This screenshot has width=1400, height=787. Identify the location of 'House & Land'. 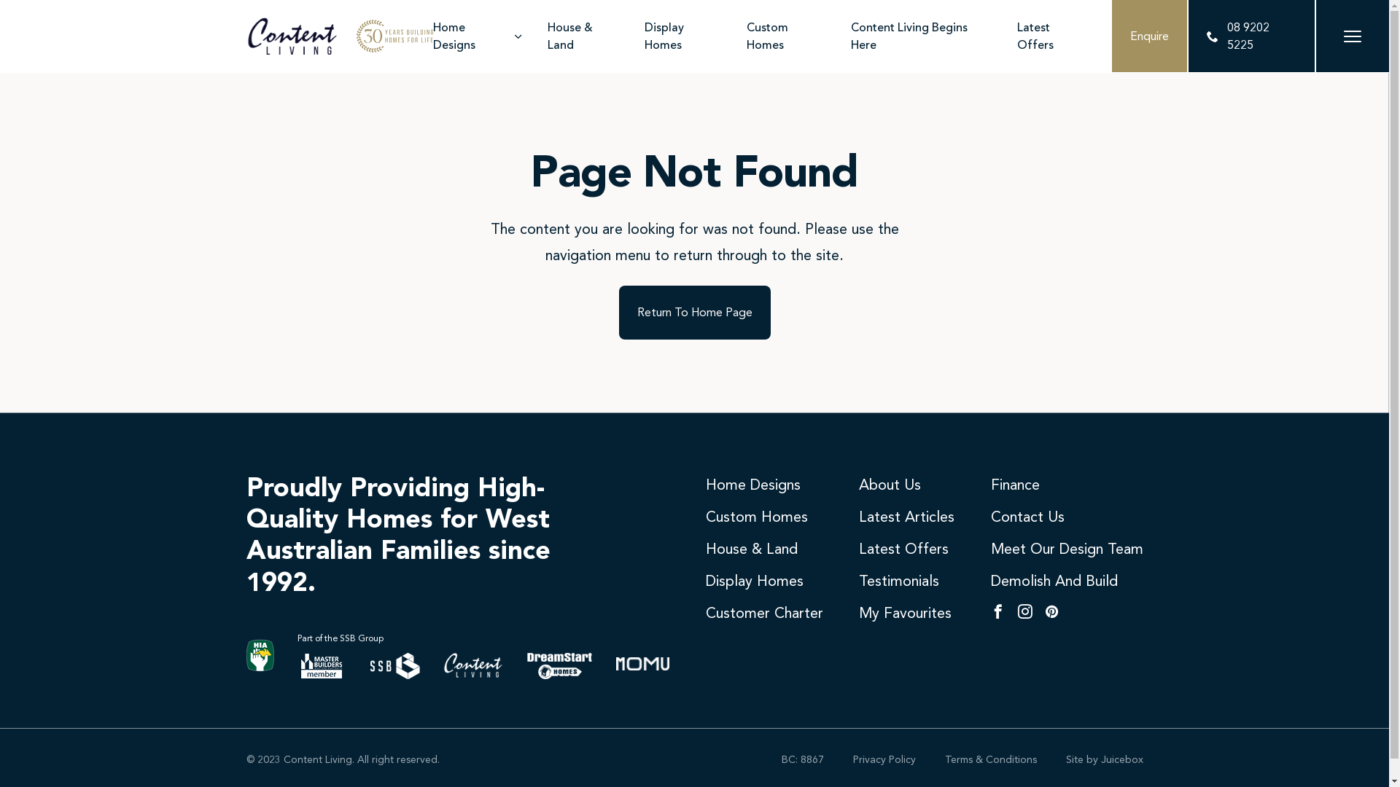
(584, 36).